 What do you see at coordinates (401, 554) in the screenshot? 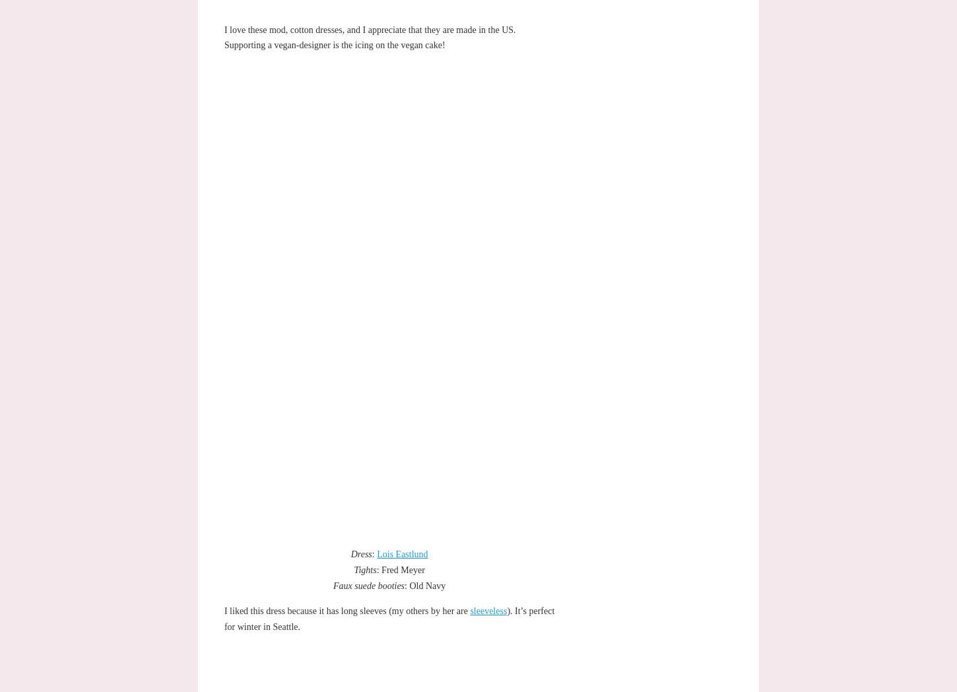
I see `'Lois Eastlund'` at bounding box center [401, 554].